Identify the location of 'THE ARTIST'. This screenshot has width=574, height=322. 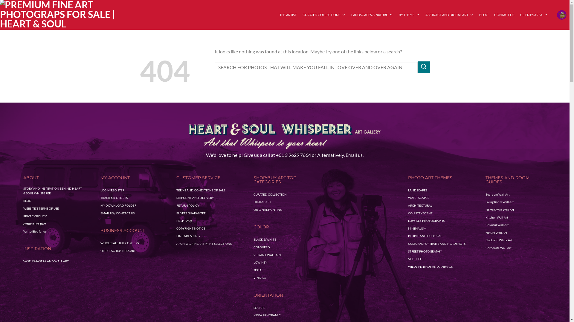
(288, 15).